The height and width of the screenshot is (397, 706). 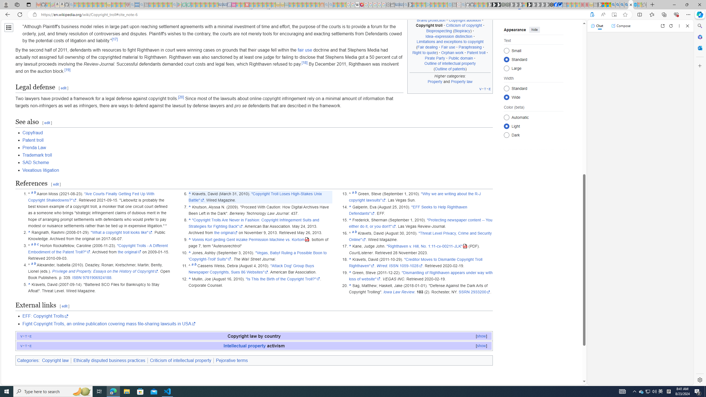 What do you see at coordinates (560, 4) in the screenshot?
I see `'AirNow.gov'` at bounding box center [560, 4].